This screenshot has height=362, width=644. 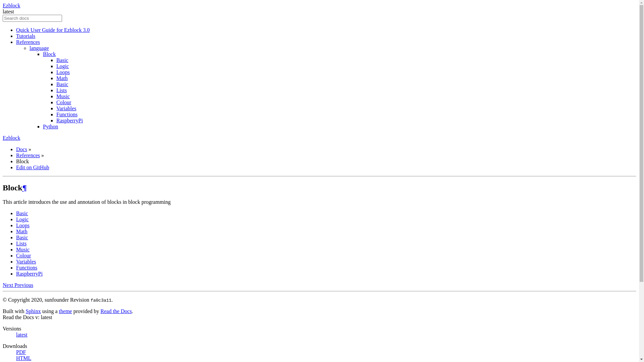 What do you see at coordinates (24, 285) in the screenshot?
I see `'Previous'` at bounding box center [24, 285].